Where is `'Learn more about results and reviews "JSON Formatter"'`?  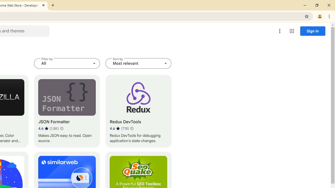
'Learn more about results and reviews "JSON Formatter"' is located at coordinates (62, 128).